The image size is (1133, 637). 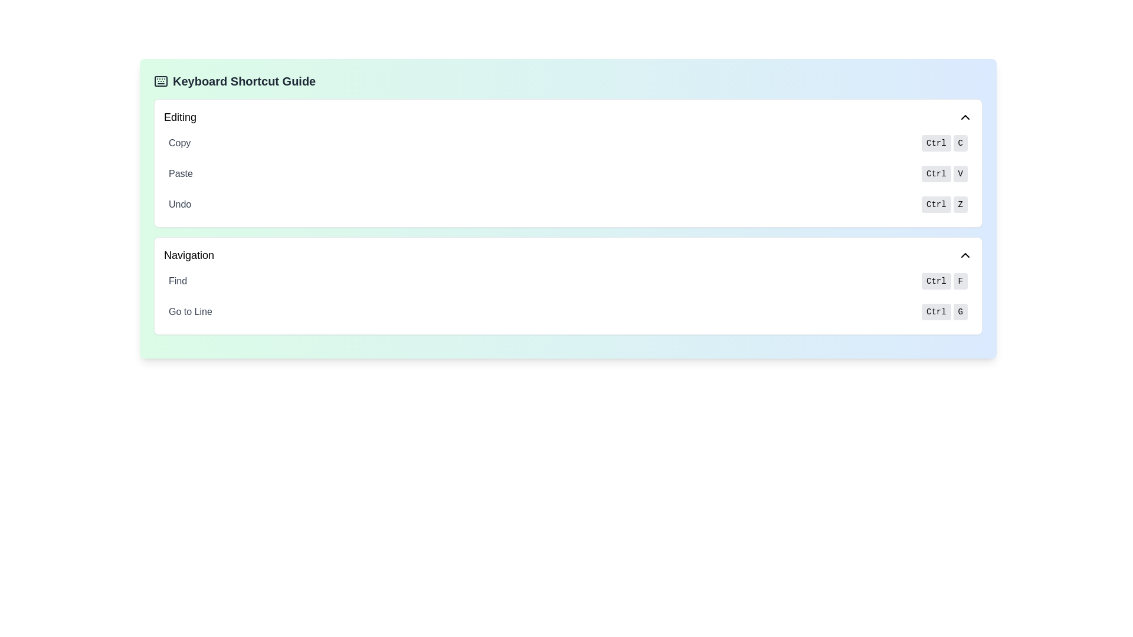 I want to click on the icon that visually identifies the 'Keyboard Shortcut Guide' section, located at the upper-left corner, adjacent to the section title, so click(x=161, y=81).